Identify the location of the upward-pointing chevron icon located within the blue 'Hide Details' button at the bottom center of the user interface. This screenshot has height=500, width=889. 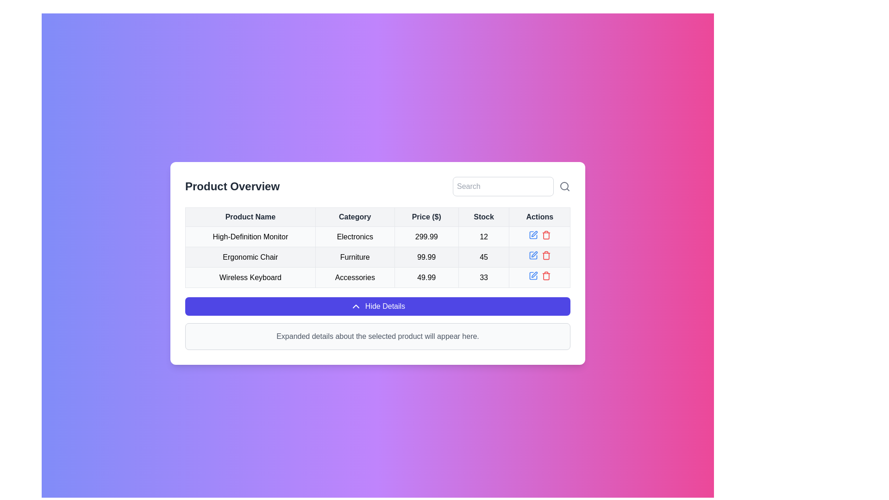
(355, 306).